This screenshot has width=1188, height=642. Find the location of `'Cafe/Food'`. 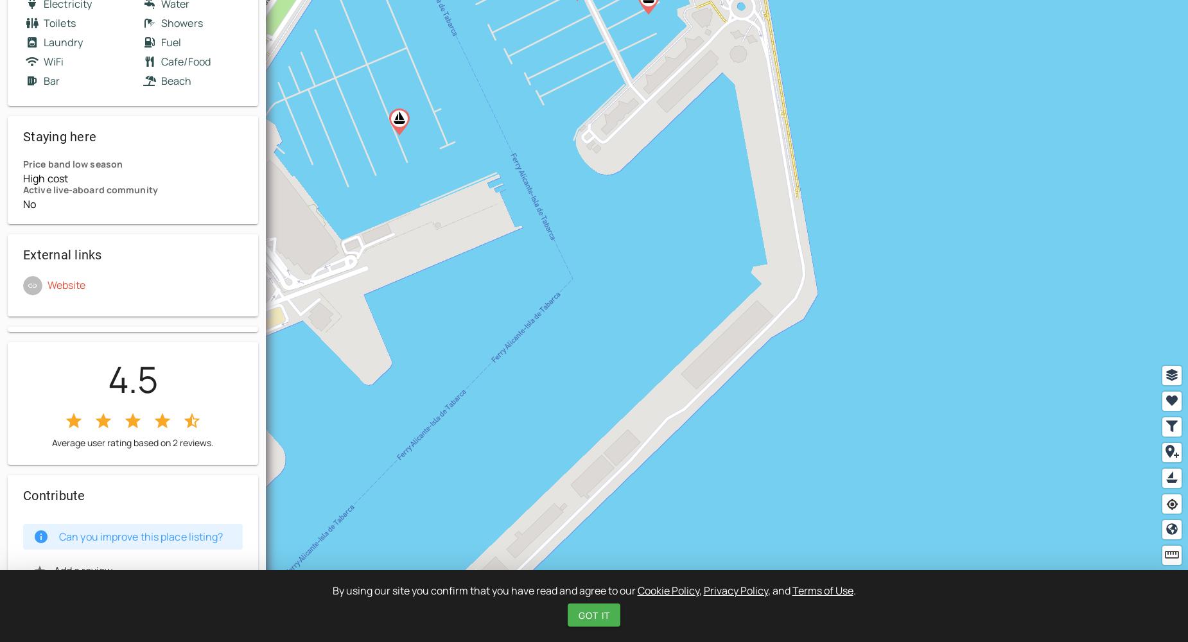

'Cafe/Food' is located at coordinates (184, 61).